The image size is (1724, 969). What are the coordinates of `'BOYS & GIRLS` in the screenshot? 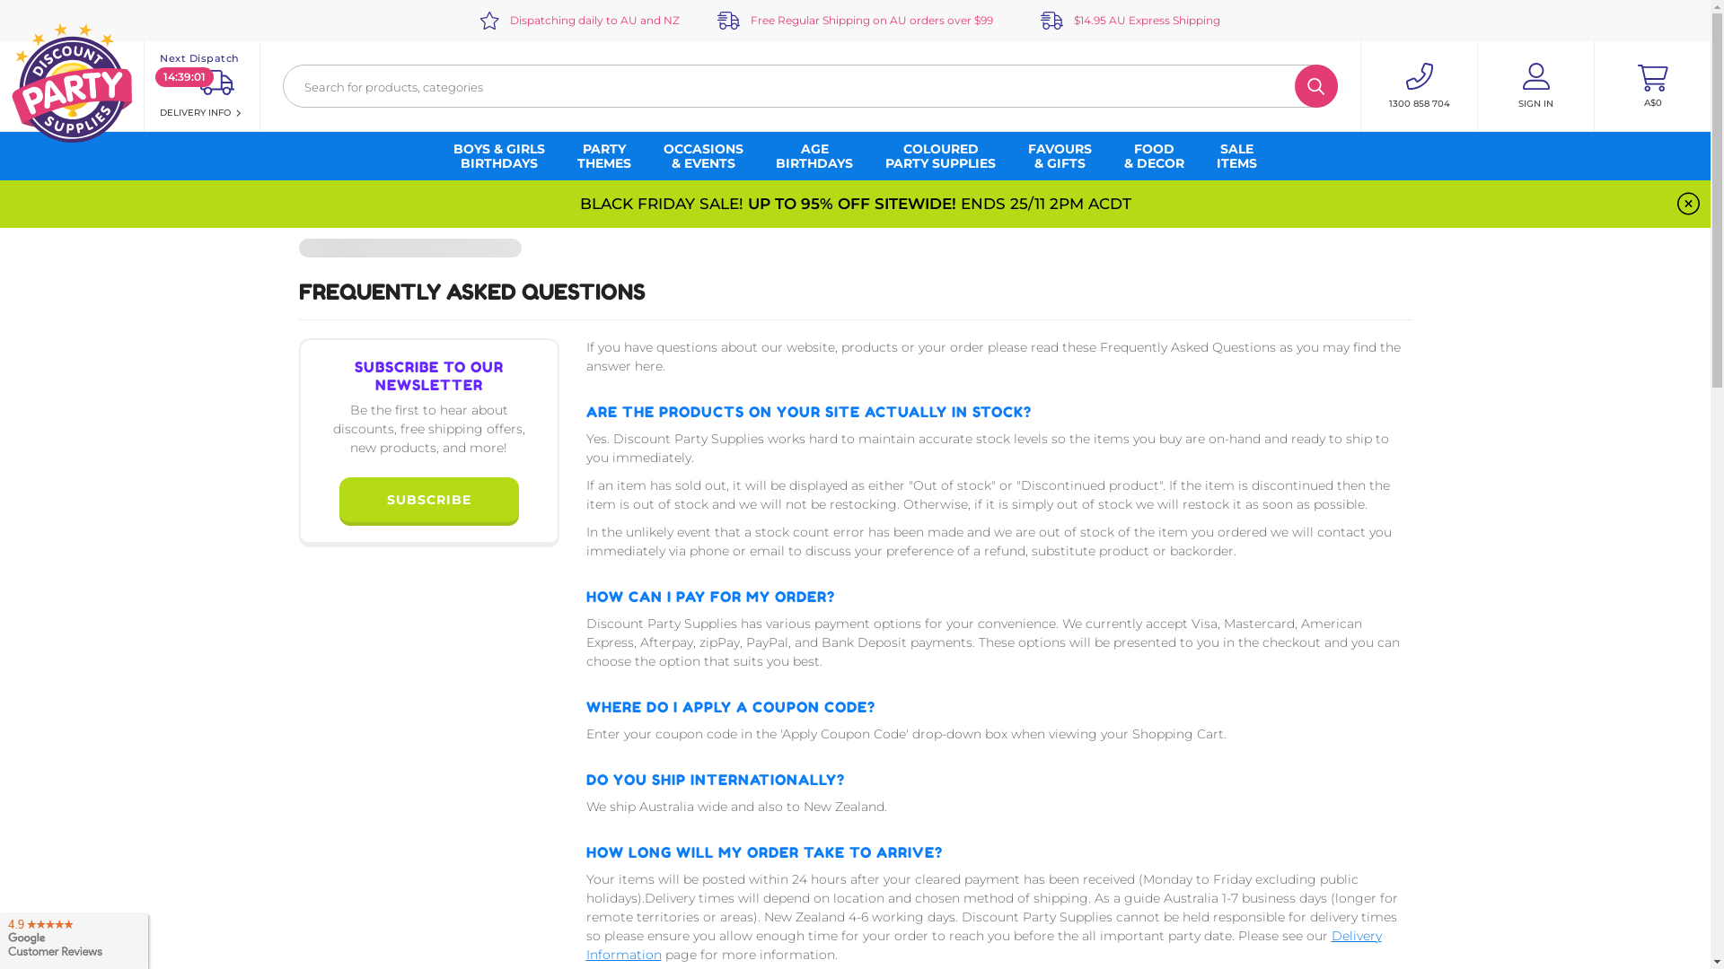 It's located at (499, 154).